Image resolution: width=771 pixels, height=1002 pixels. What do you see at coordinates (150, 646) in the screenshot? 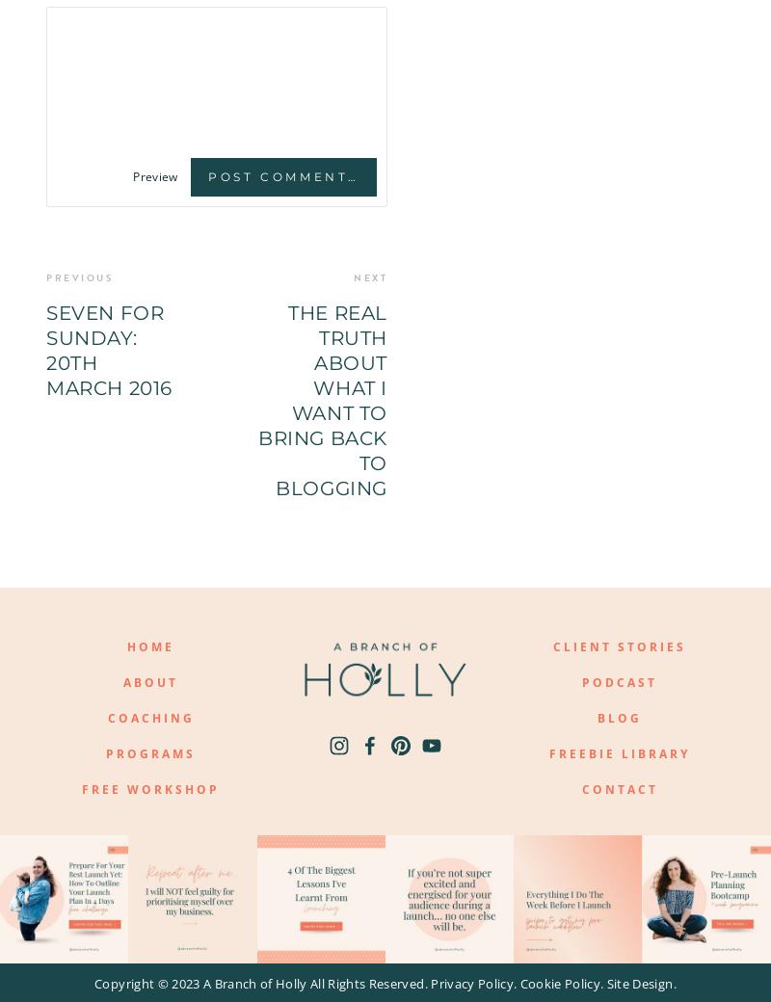
I see `'HOME'` at bounding box center [150, 646].